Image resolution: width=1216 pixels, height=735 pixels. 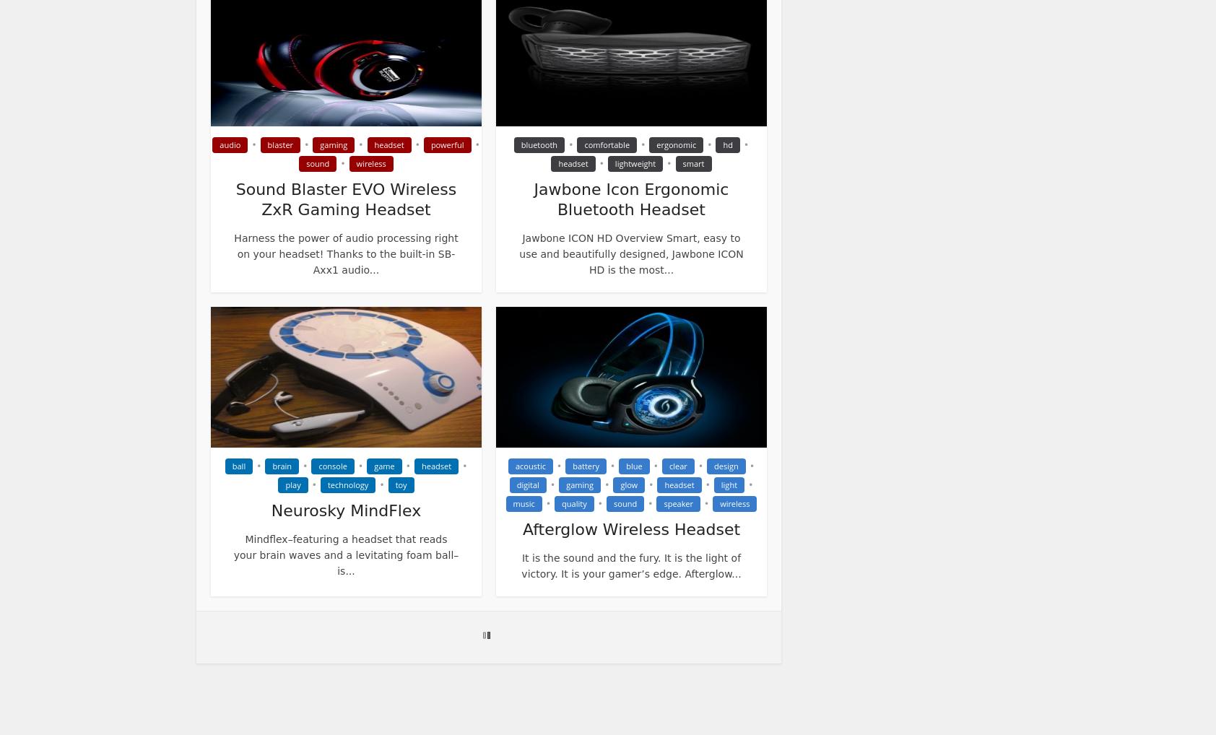 I want to click on 'acoustic', so click(x=530, y=465).